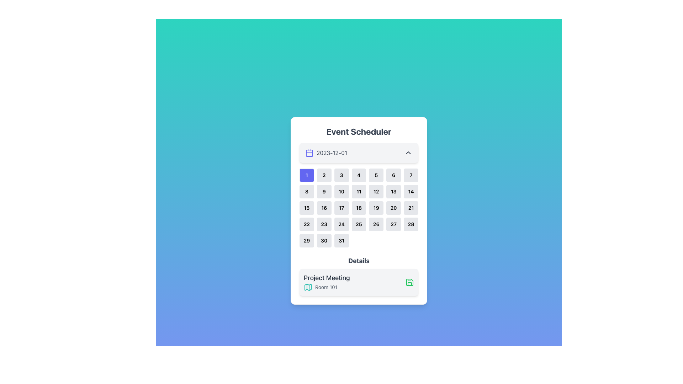  I want to click on the interactive day selector button located in the fourth row and third column of the calendar widget, so click(324, 224).